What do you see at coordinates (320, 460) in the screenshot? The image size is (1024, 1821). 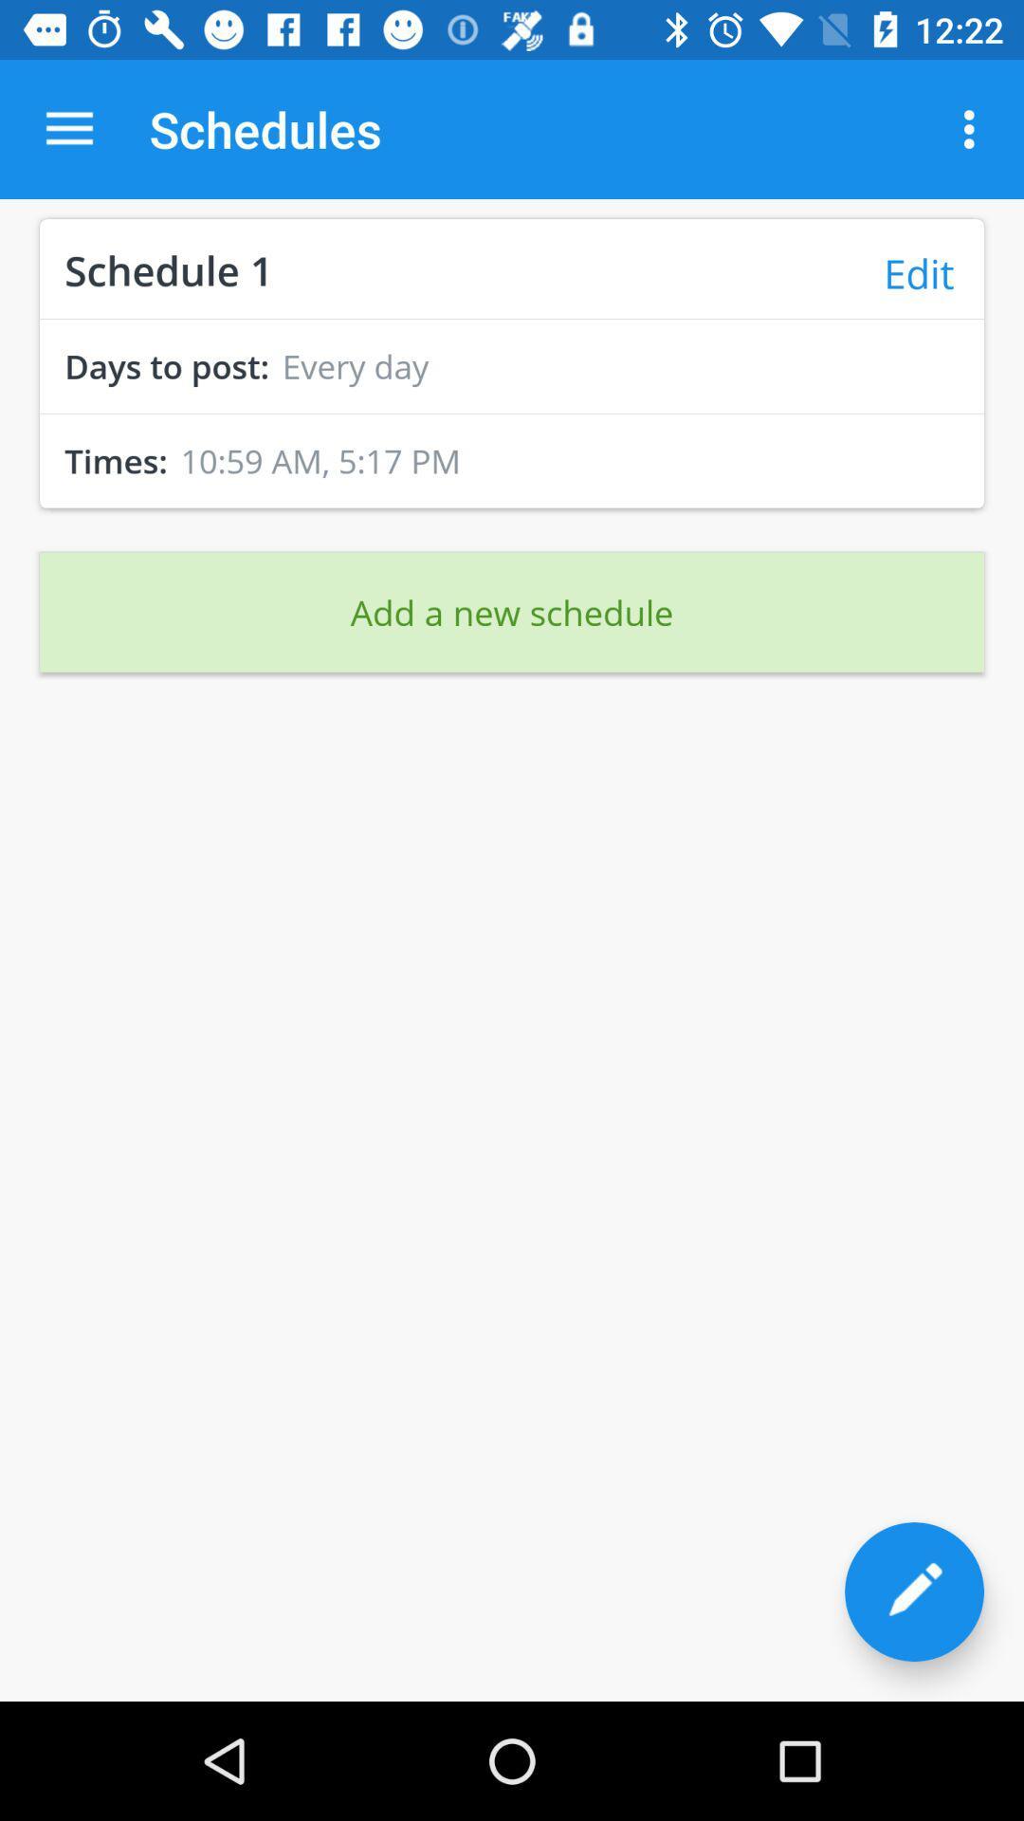 I see `the 10 59 am item` at bounding box center [320, 460].